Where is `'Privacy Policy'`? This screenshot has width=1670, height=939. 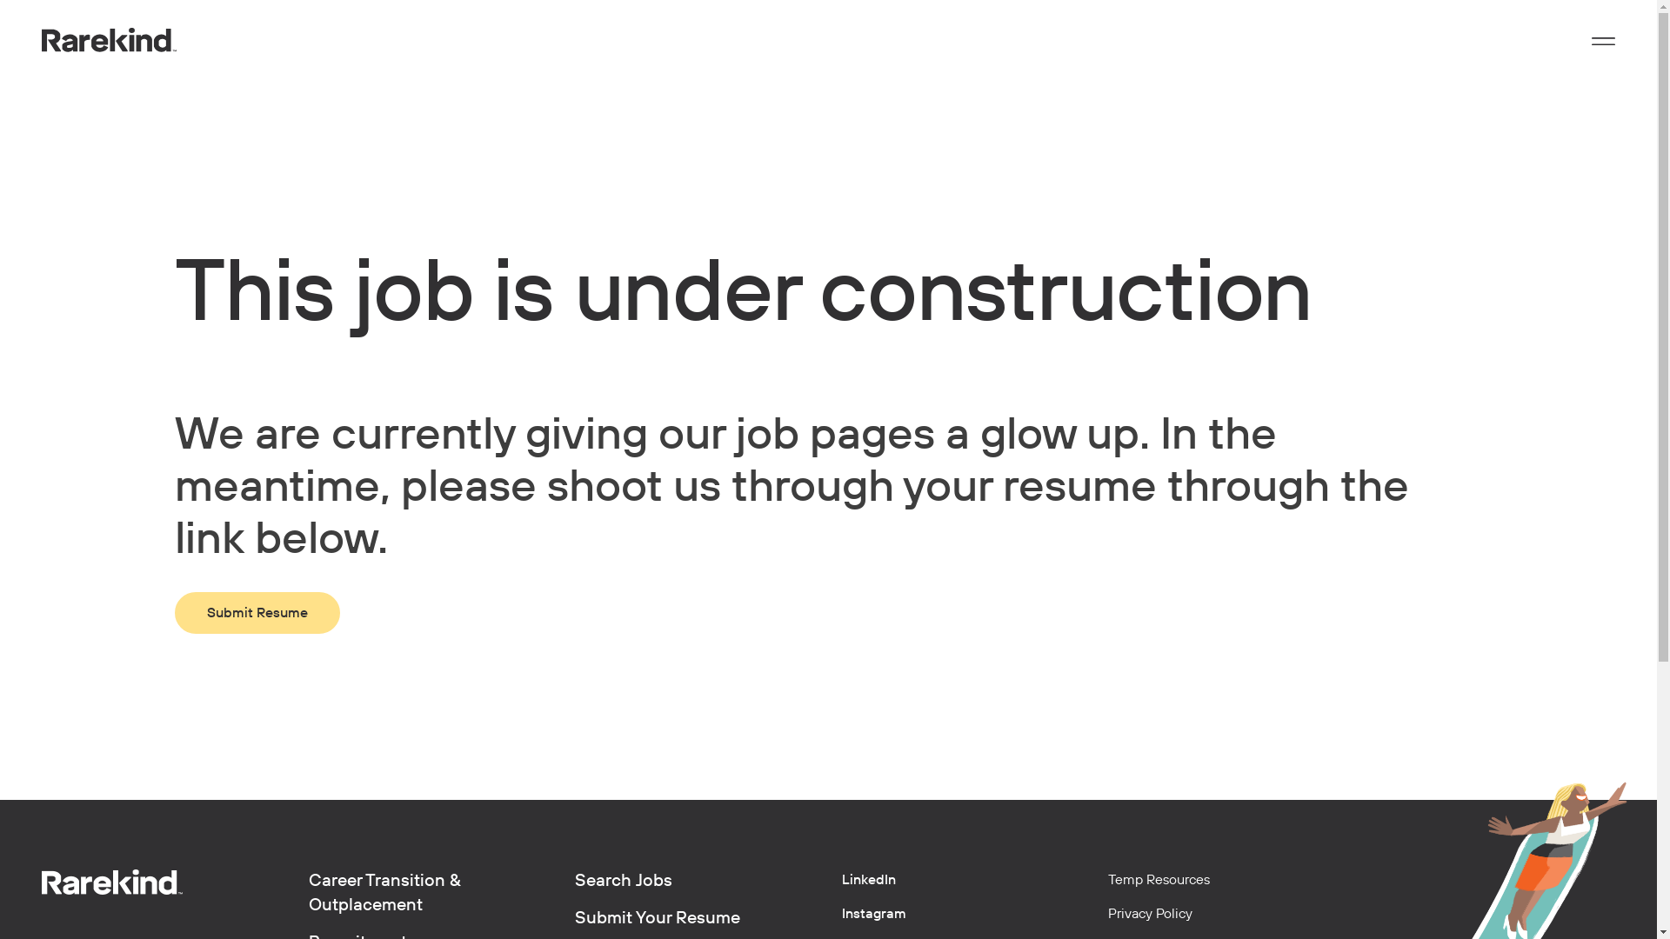
'Privacy Policy' is located at coordinates (1150, 912).